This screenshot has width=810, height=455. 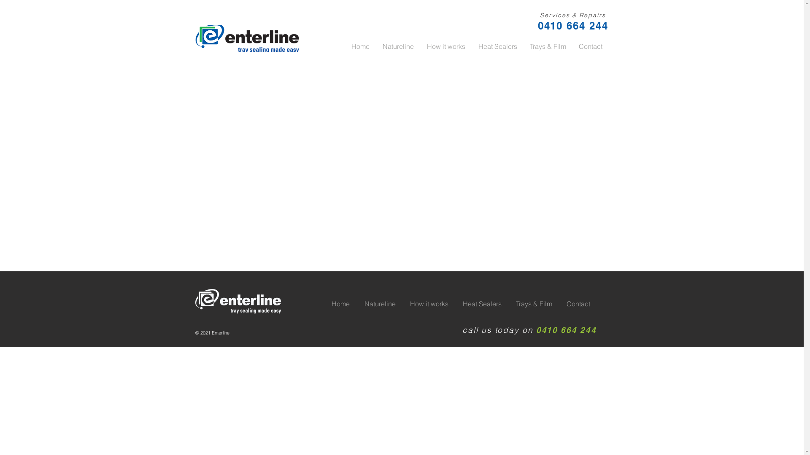 What do you see at coordinates (547, 46) in the screenshot?
I see `'Trays & Film'` at bounding box center [547, 46].